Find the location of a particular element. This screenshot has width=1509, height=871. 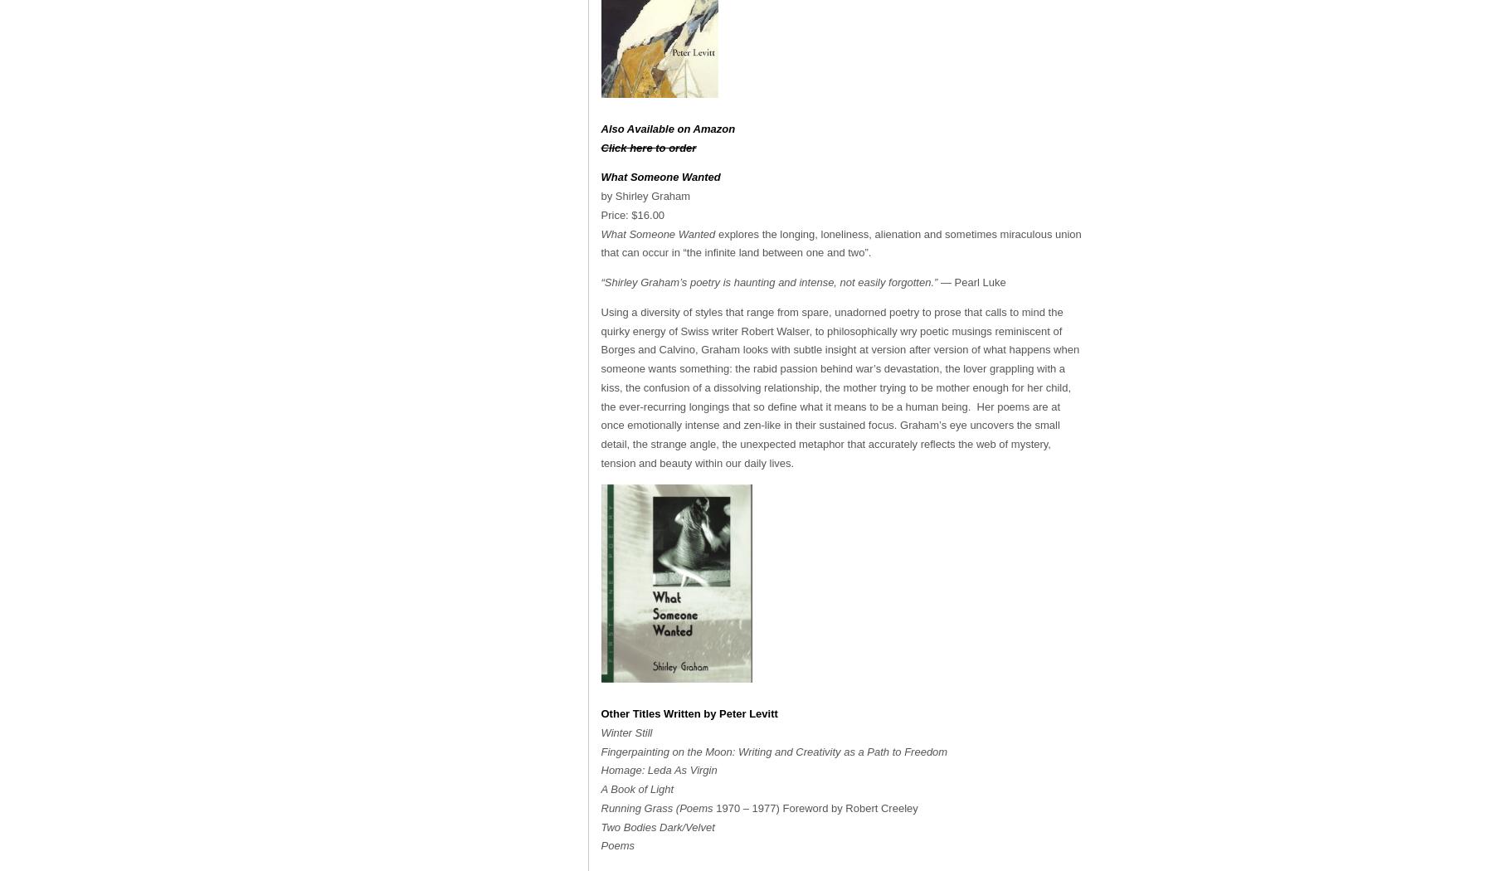

'Other Titles Written by Peter Levitt' is located at coordinates (689, 713).